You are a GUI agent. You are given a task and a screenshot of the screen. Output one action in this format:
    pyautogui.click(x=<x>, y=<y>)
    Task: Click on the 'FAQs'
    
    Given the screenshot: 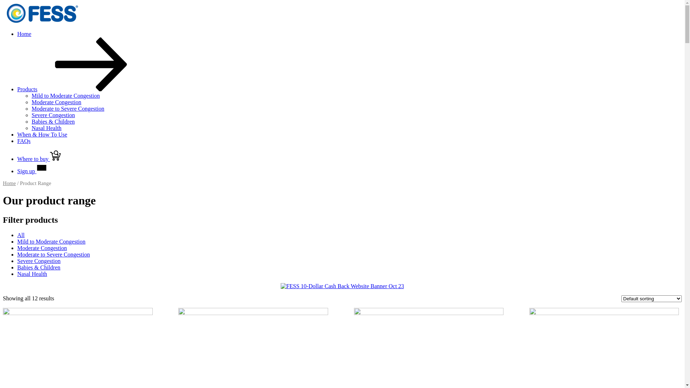 What is the action you would take?
    pyautogui.click(x=24, y=141)
    